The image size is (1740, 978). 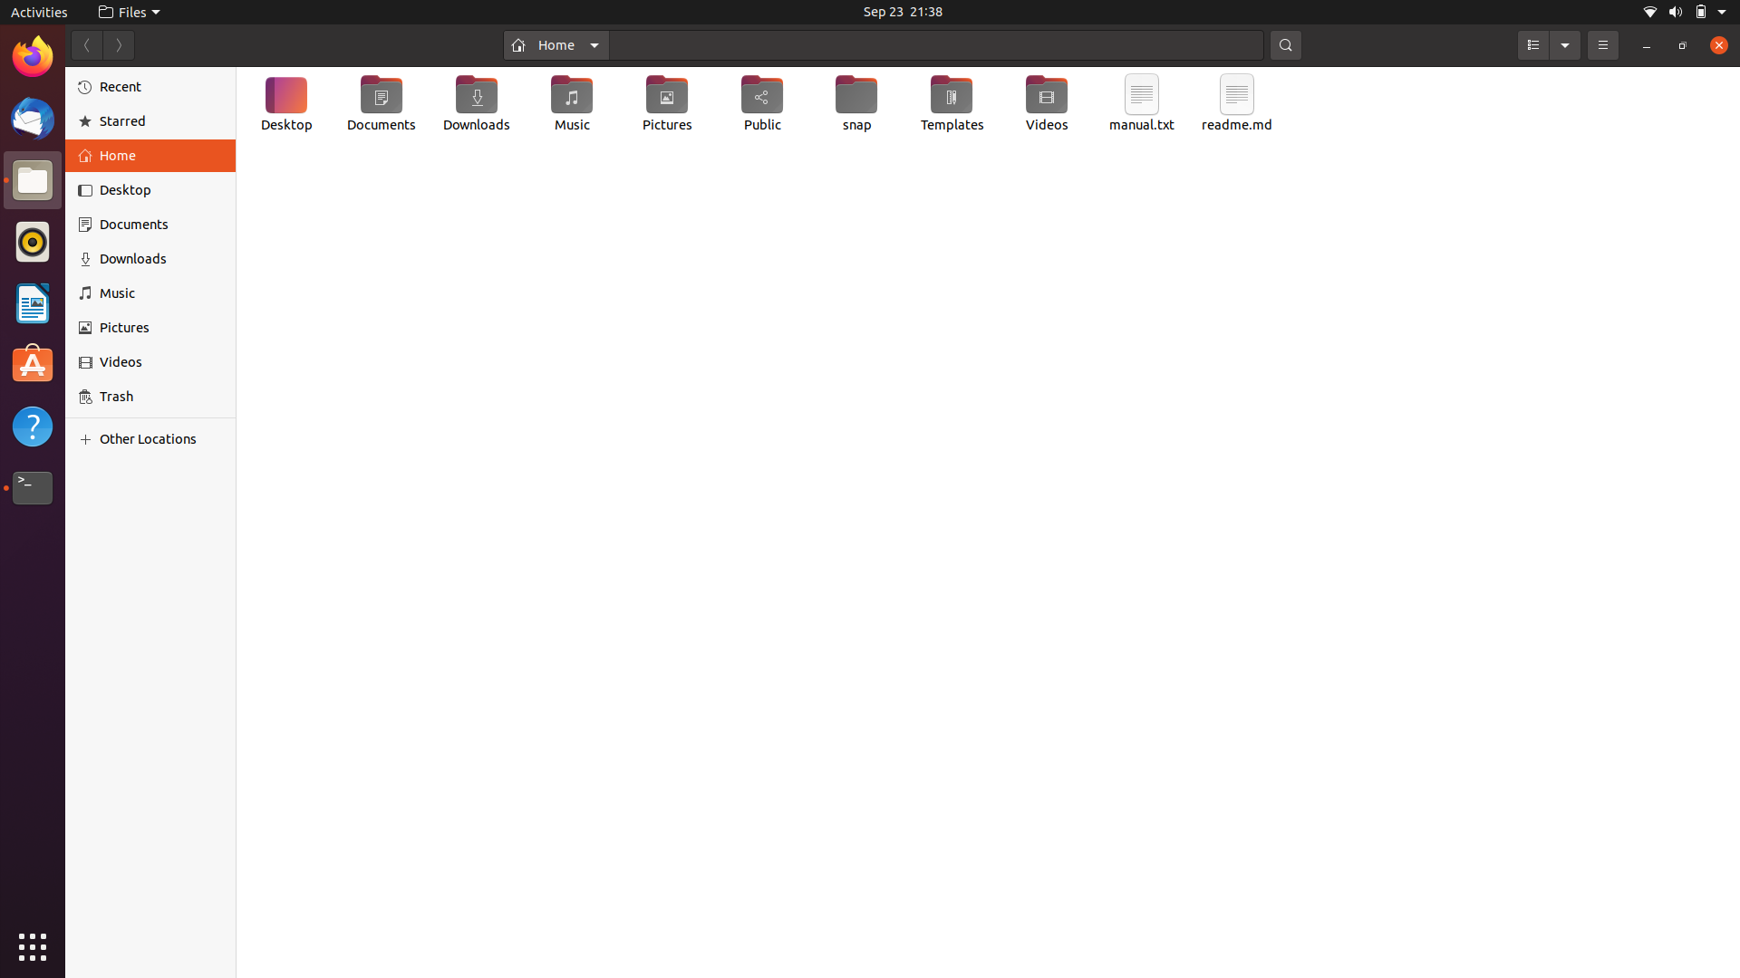 What do you see at coordinates (570, 107) in the screenshot?
I see `Alter the "Music" file name to "My Music"` at bounding box center [570, 107].